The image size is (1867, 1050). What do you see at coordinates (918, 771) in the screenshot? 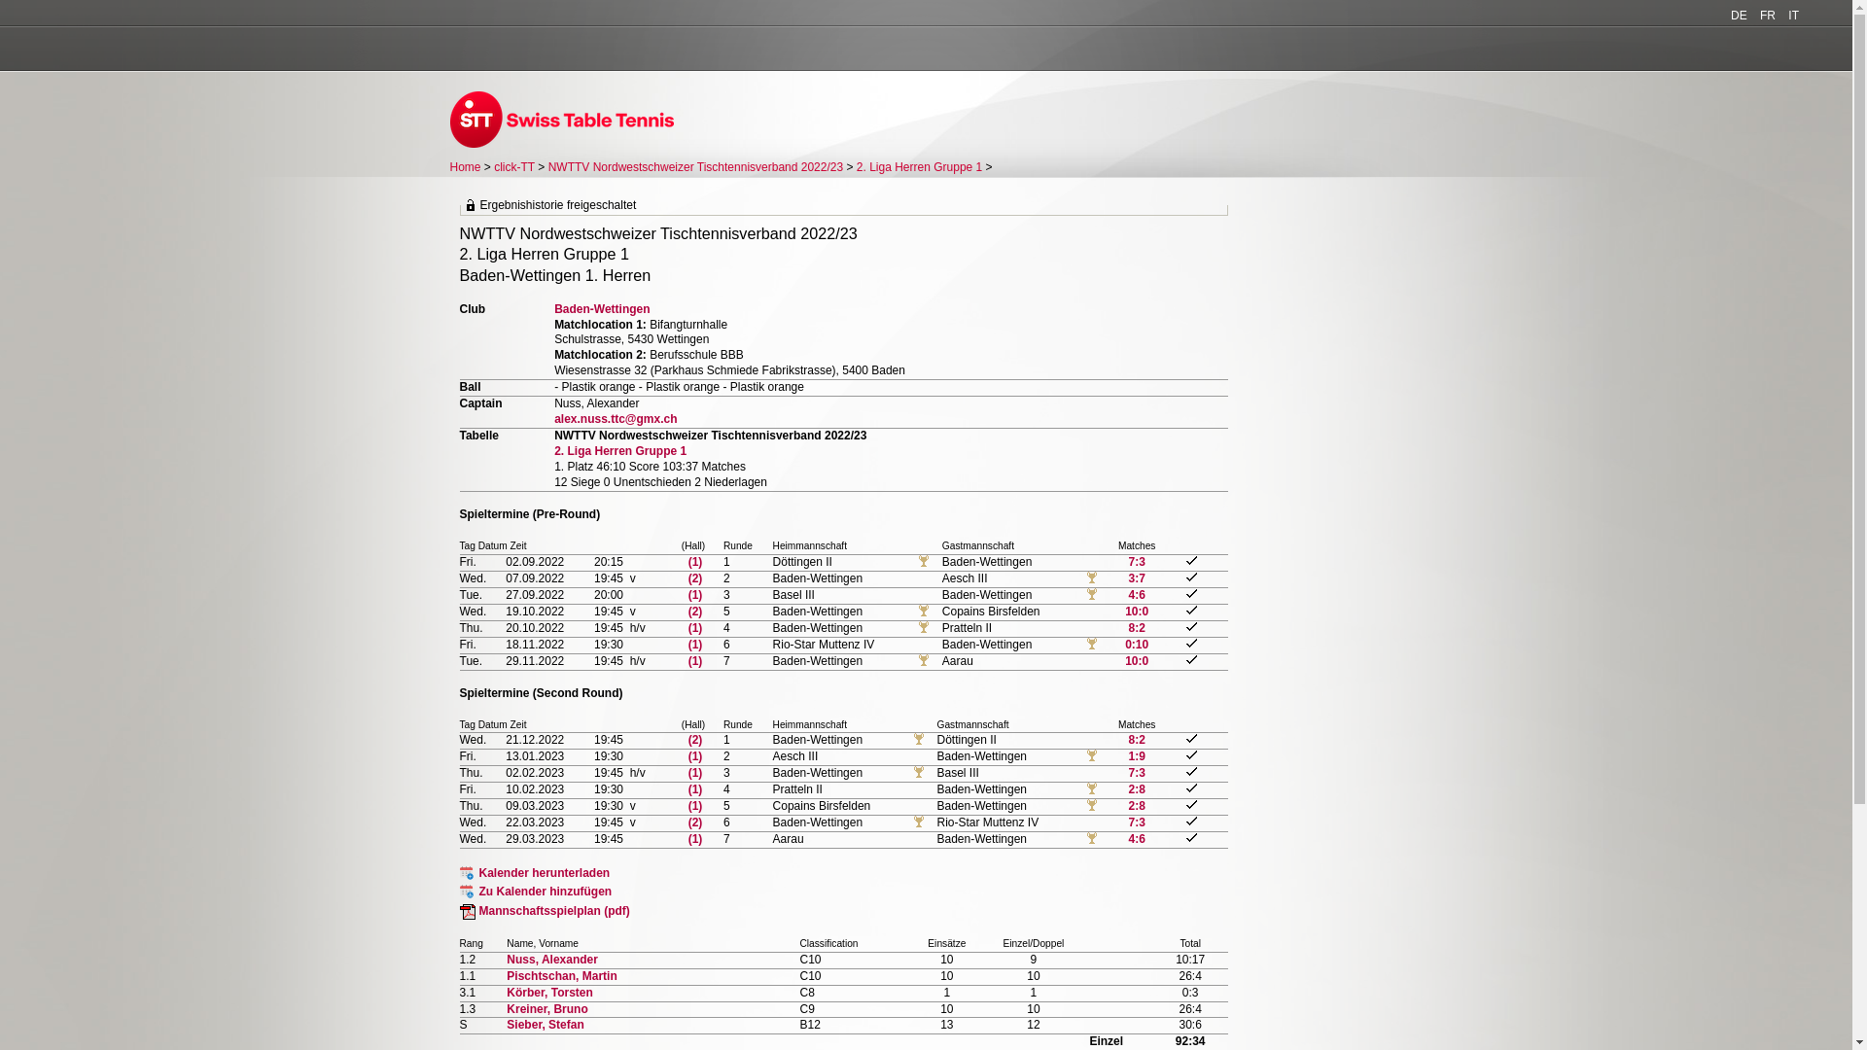
I see `'Victory'` at bounding box center [918, 771].